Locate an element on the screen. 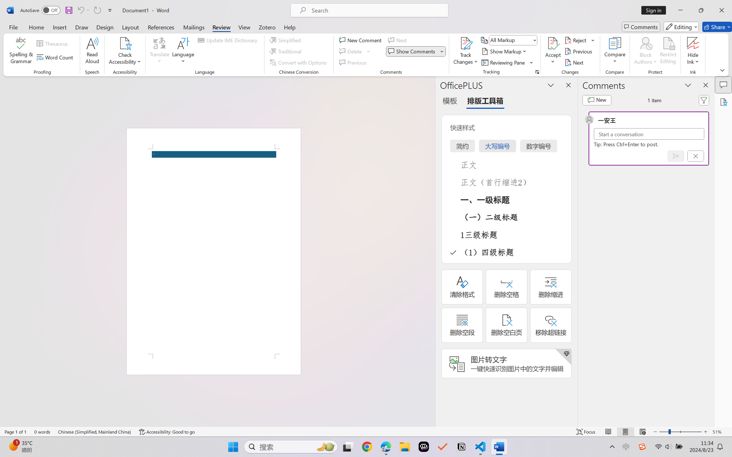 The width and height of the screenshot is (732, 457). 'Reject' is located at coordinates (580, 40).